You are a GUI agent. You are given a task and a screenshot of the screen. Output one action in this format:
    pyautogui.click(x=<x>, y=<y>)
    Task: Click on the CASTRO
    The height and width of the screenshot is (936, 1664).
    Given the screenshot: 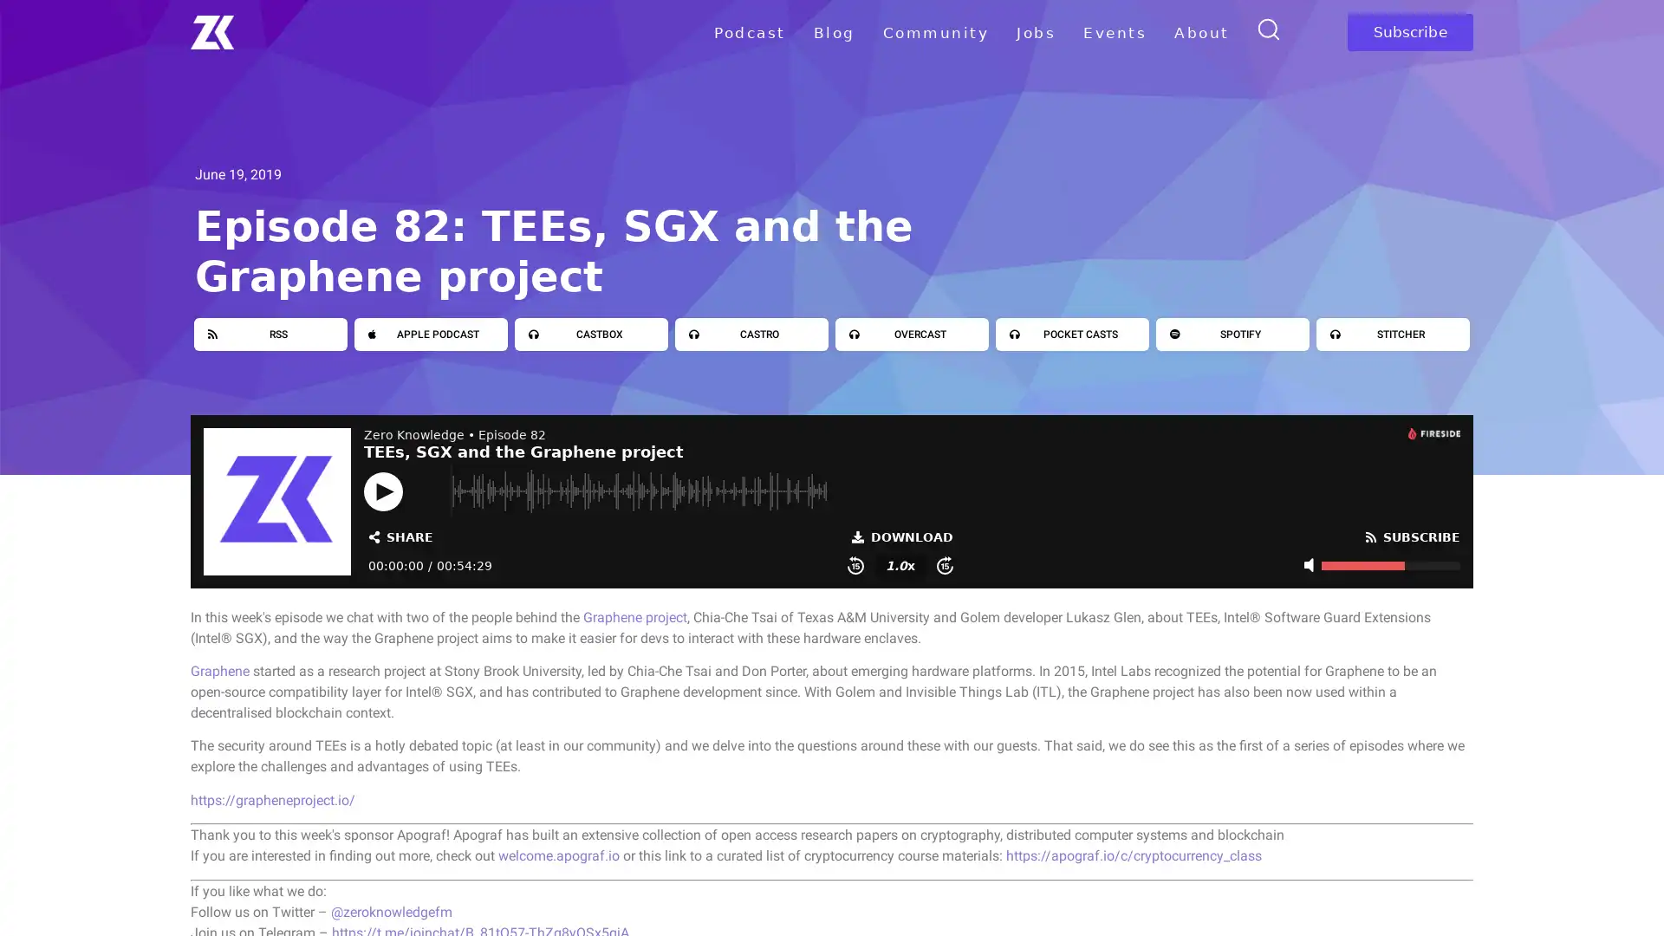 What is the action you would take?
    pyautogui.click(x=751, y=334)
    